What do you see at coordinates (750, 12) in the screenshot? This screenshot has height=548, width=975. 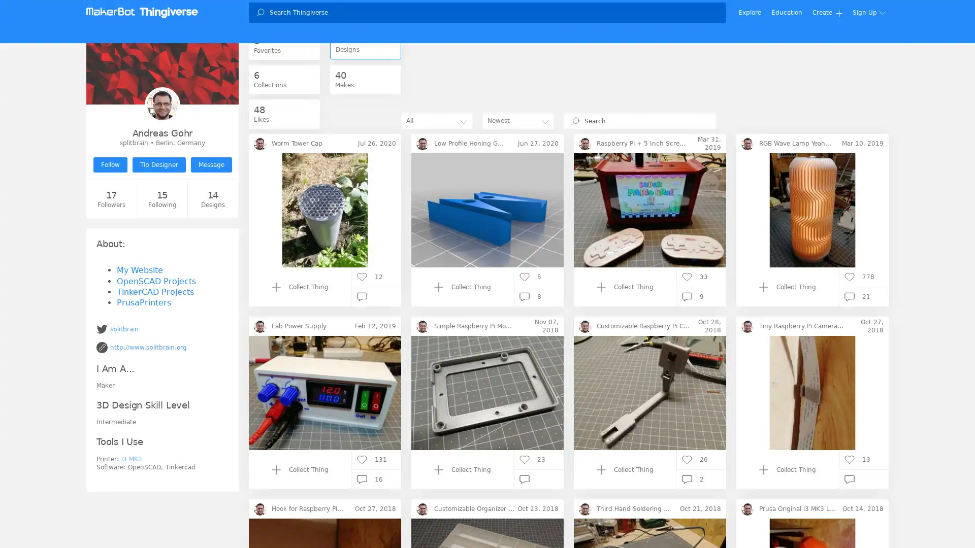 I see `Explore` at bounding box center [750, 12].